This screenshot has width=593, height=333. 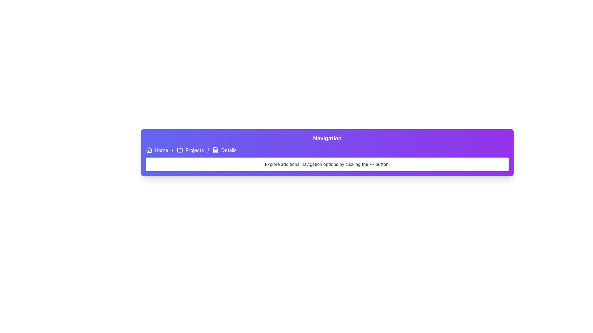 I want to click on the 'projects' icon in the breadcrumb navigation bar, which is the second icon adjacent to the 'Projects' text label, so click(x=179, y=150).